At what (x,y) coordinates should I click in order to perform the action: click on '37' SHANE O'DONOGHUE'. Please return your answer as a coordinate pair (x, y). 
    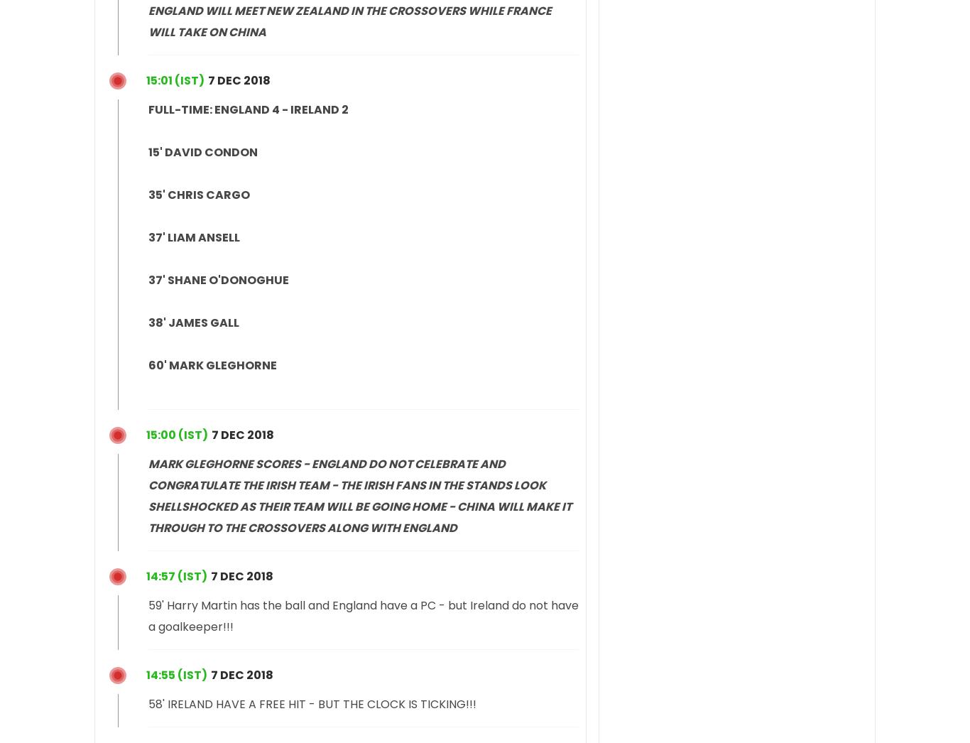
    Looking at the image, I should click on (219, 279).